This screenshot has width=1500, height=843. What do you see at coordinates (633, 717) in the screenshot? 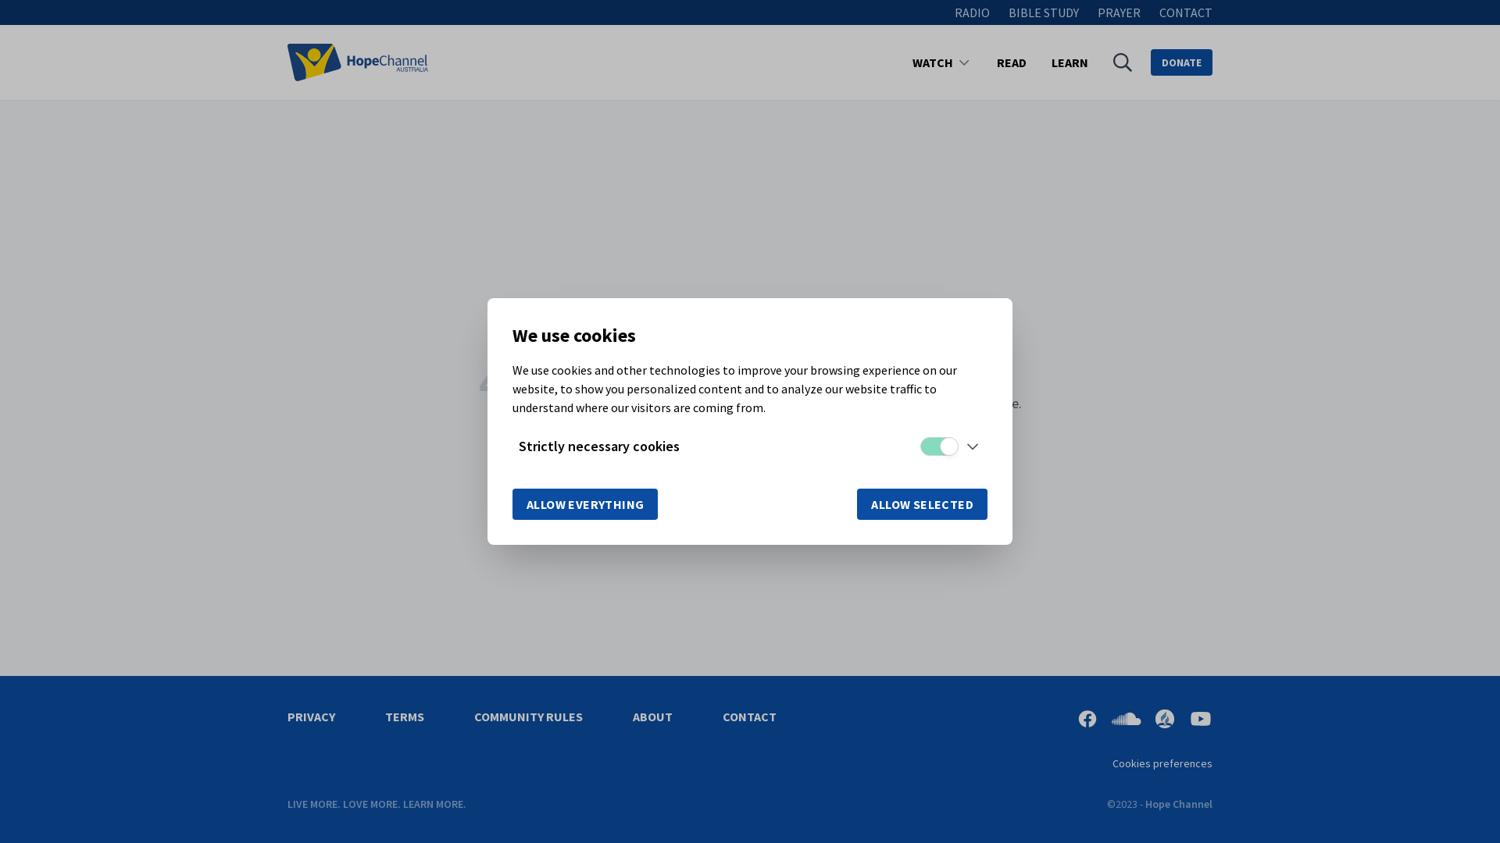
I see `'ABOUT'` at bounding box center [633, 717].